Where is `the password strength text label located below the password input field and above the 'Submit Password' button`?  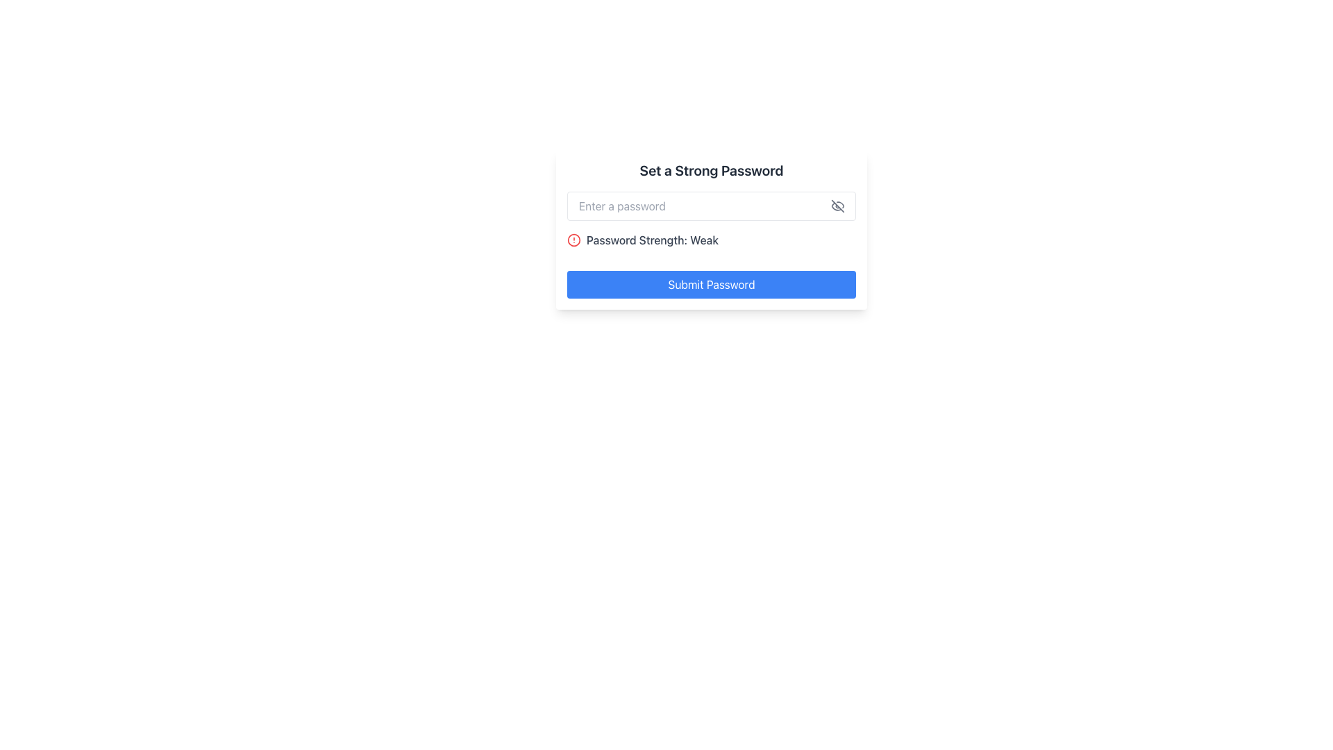 the password strength text label located below the password input field and above the 'Submit Password' button is located at coordinates (652, 240).